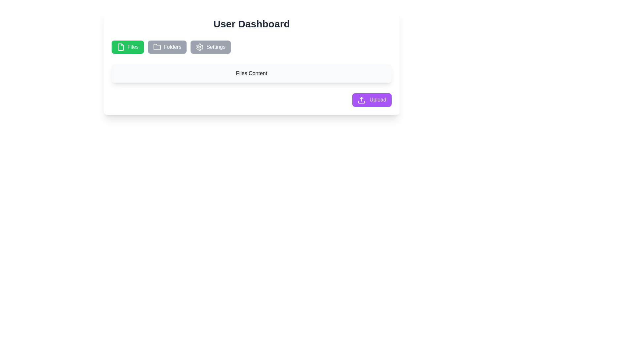 The image size is (634, 356). Describe the element at coordinates (251, 74) in the screenshot. I see `the text label that identifies the content section in the User Dashboard, located below the toolbar with items 'Files', 'Folders', and 'Settings'` at that location.